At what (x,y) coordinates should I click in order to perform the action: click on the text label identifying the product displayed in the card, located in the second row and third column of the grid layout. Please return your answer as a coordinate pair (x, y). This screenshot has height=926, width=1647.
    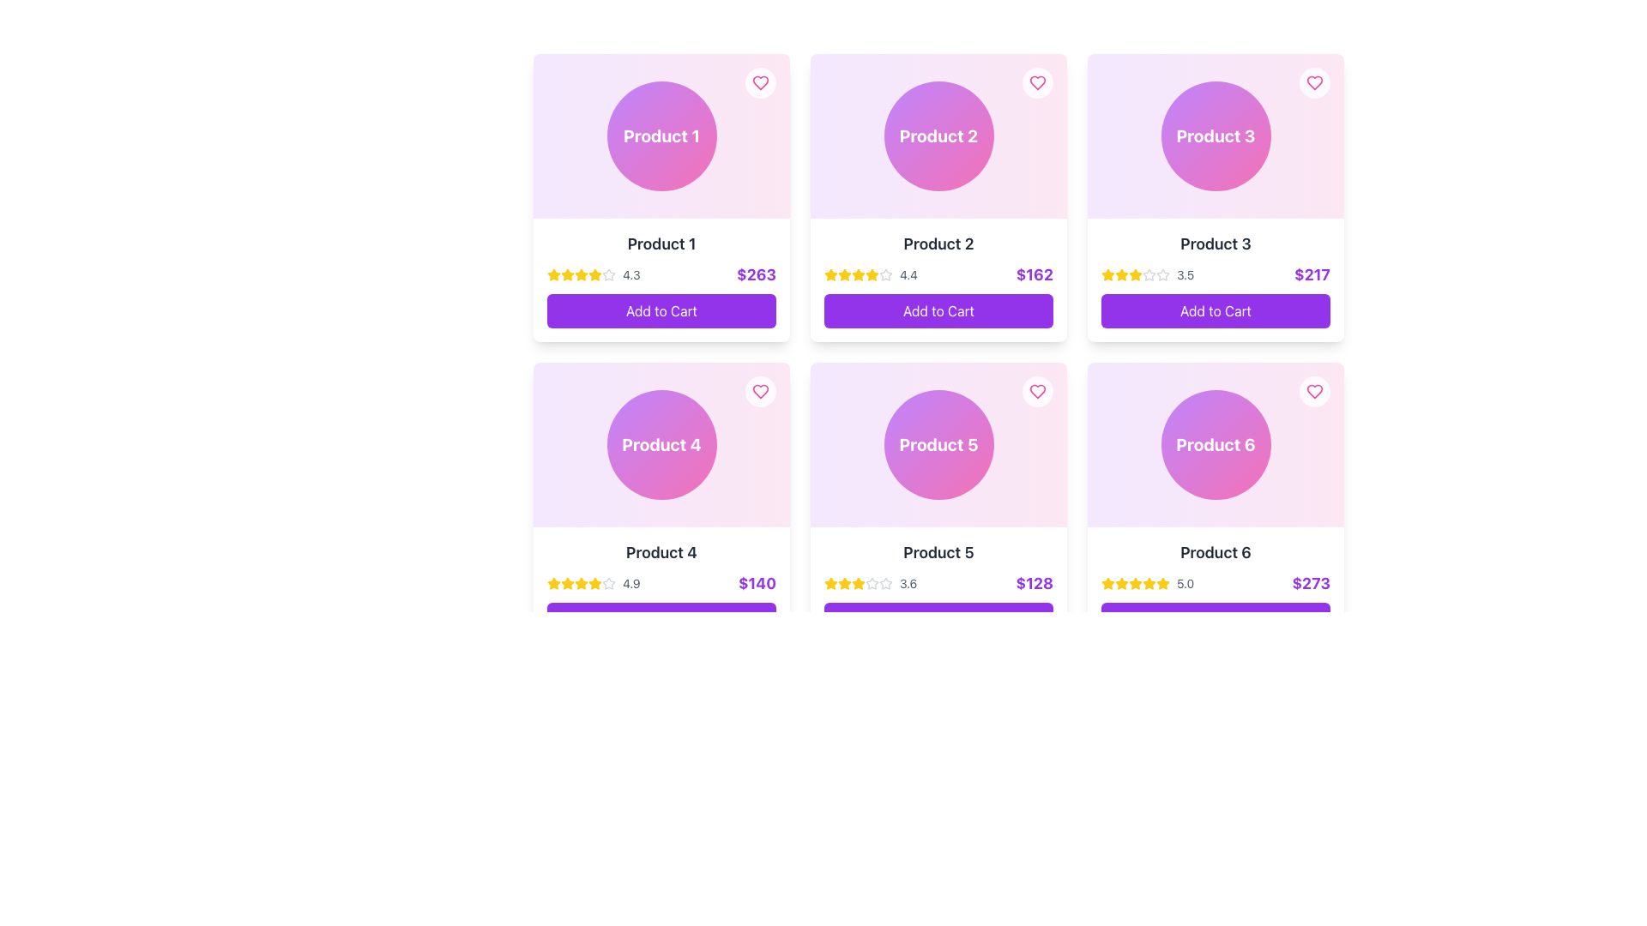
    Looking at the image, I should click on (1215, 552).